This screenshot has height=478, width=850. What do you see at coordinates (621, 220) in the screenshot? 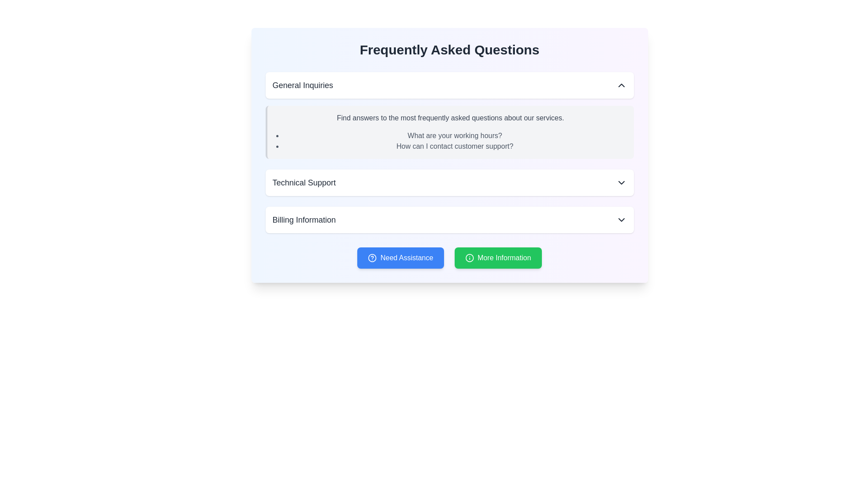
I see `the chevron-down icon located to the far right of the 'Billing Information' section header` at bounding box center [621, 220].